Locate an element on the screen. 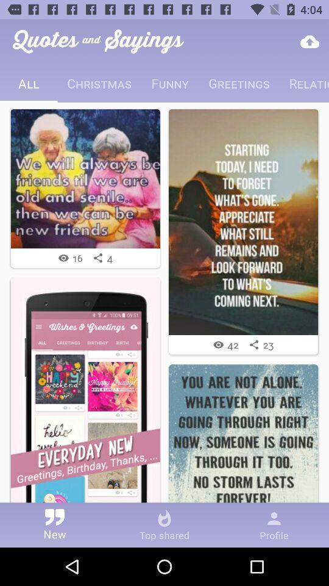  image with phrase is located at coordinates (243, 440).